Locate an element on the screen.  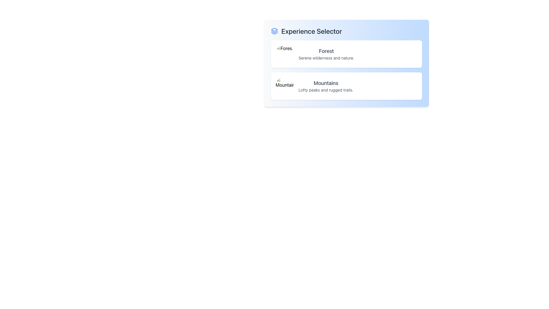
textual description stating "Serene wilderness and nature." located beneath the heading "Forest" in the first rectangular card of the Experience Selector interface is located at coordinates (326, 58).